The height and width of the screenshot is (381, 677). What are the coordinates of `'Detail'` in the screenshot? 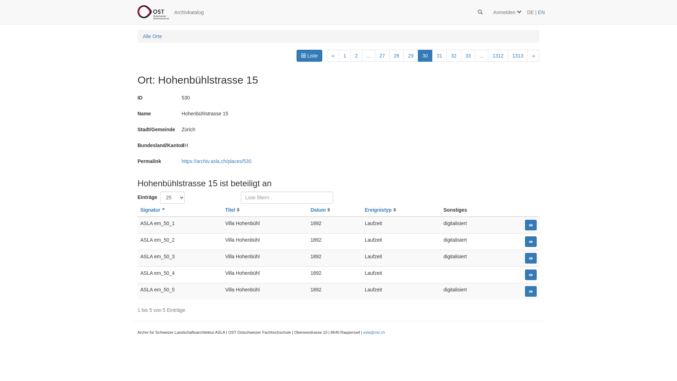 It's located at (531, 258).